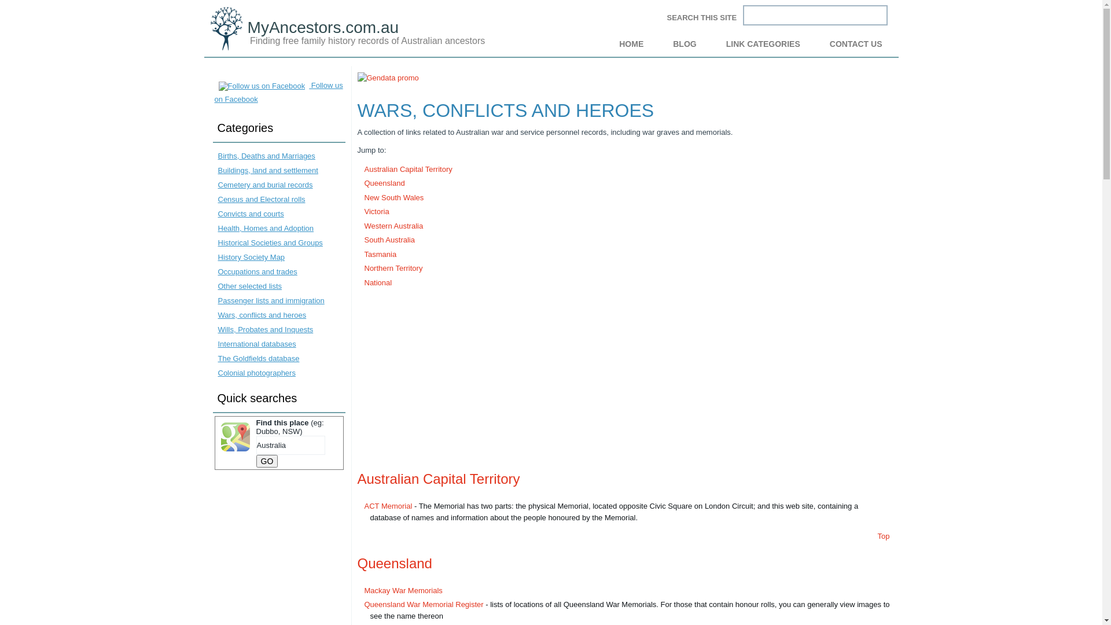 The width and height of the screenshot is (1111, 625). Describe the element at coordinates (395, 562) in the screenshot. I see `'Queensland'` at that location.